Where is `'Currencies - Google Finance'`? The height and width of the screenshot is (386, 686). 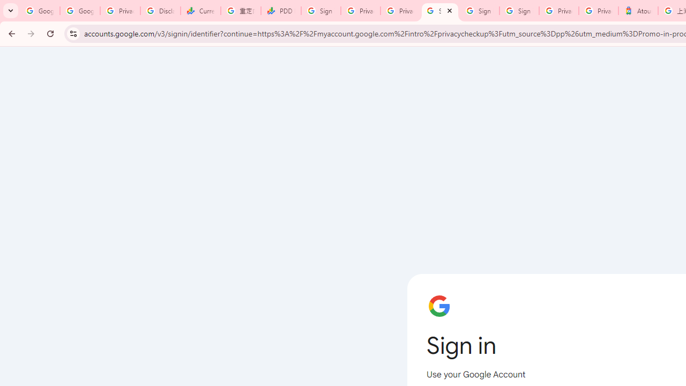 'Currencies - Google Finance' is located at coordinates (200, 11).